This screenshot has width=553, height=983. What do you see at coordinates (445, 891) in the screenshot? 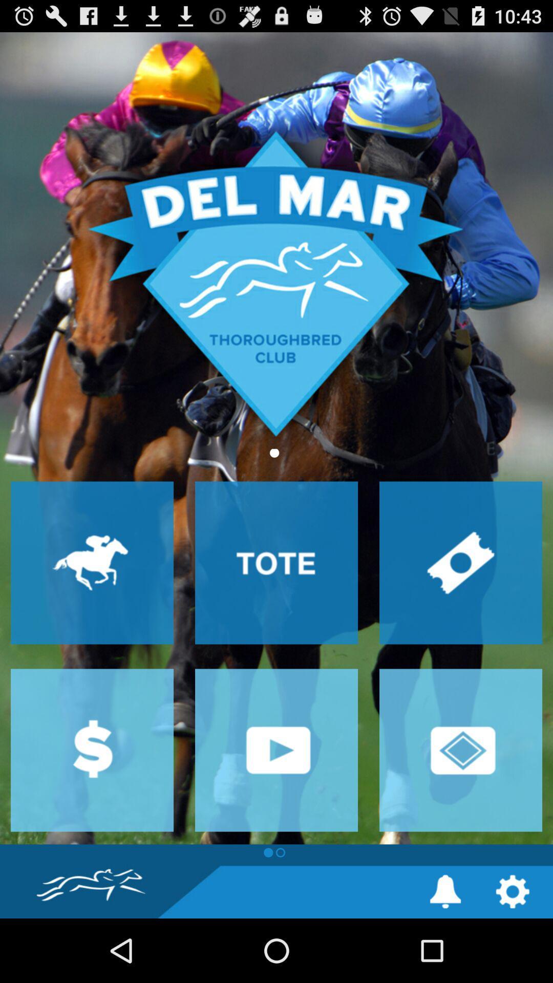
I see `notification settings` at bounding box center [445, 891].